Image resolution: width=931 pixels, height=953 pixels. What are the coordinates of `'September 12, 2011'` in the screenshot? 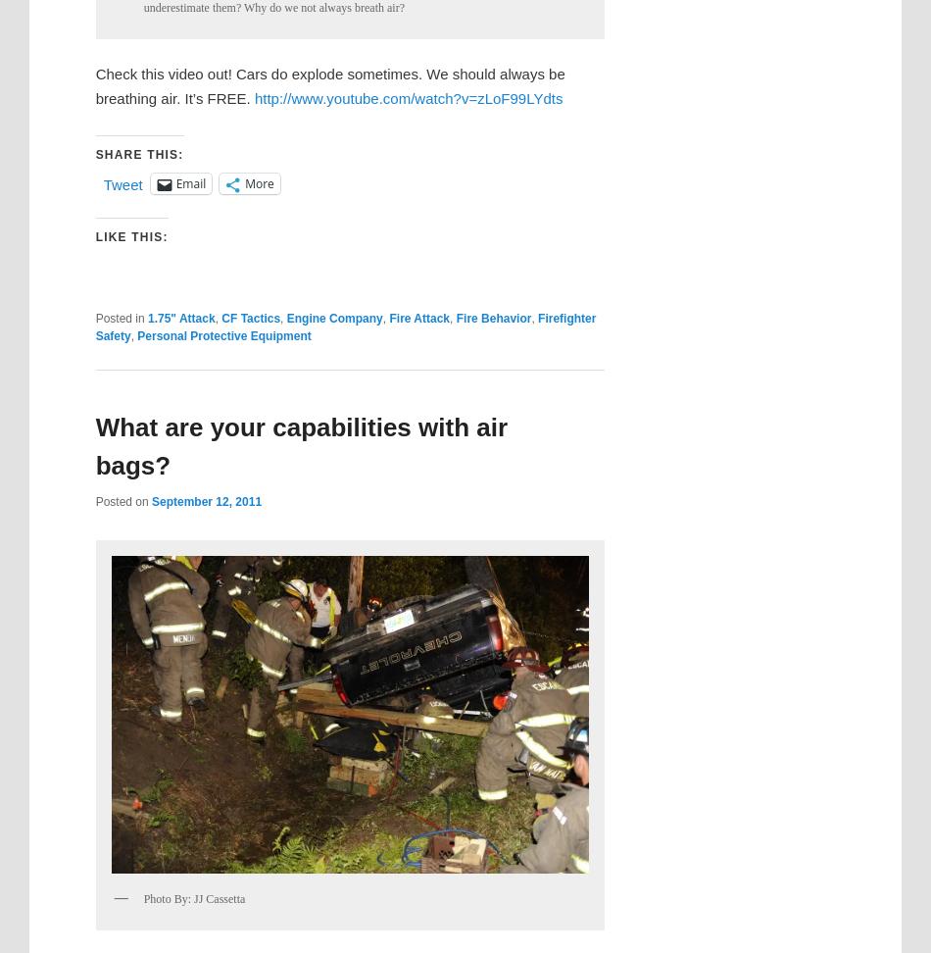 It's located at (206, 500).